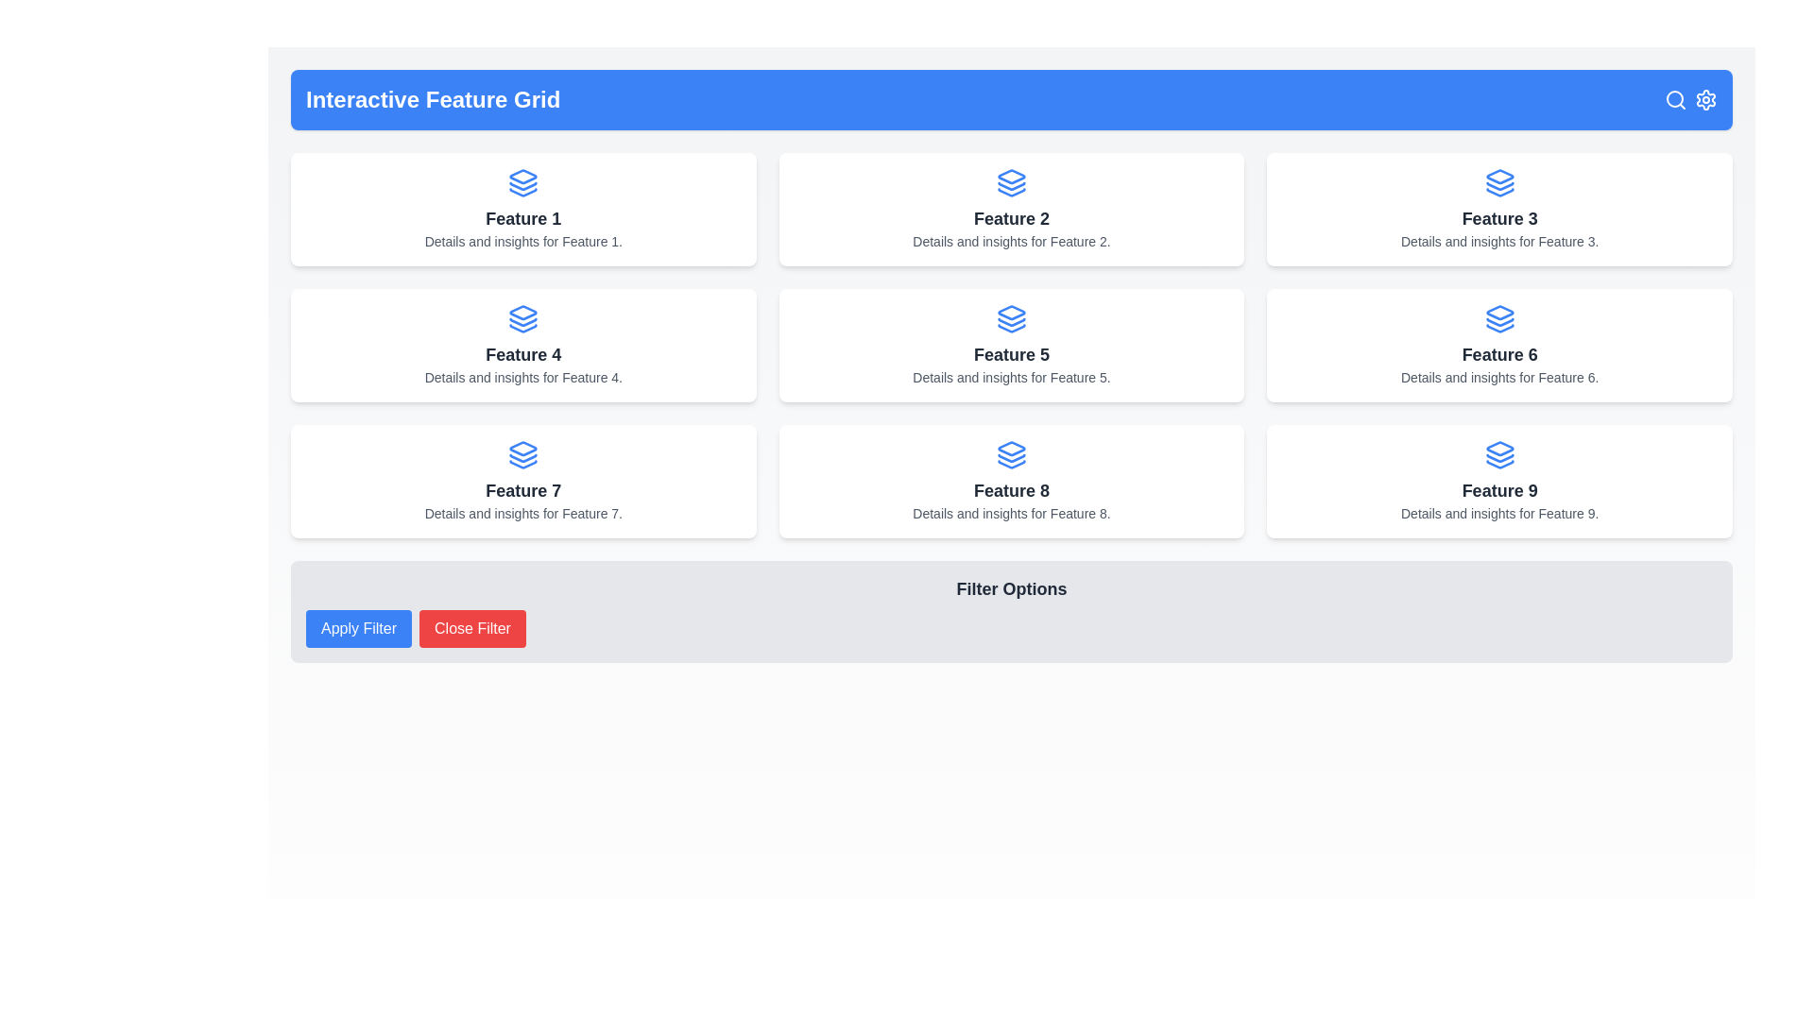 Image resolution: width=1814 pixels, height=1020 pixels. What do you see at coordinates (1498, 513) in the screenshot?
I see `supporting text element that contains 'Details and insights for Feature 9.' located at the bottom of the card labeled 'Feature 9' in the last column of the third row in the grid` at bounding box center [1498, 513].